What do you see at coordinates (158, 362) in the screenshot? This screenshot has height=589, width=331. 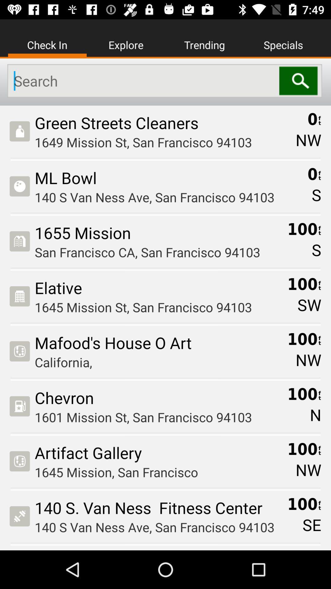 I see `the icon below the mafood s house item` at bounding box center [158, 362].